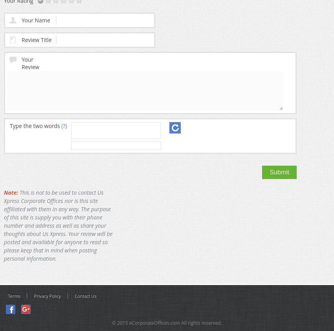 The width and height of the screenshot is (334, 331). Describe the element at coordinates (167, 323) in the screenshot. I see `'© 2015 eCorporateOffices.com All rights reserved.'` at that location.